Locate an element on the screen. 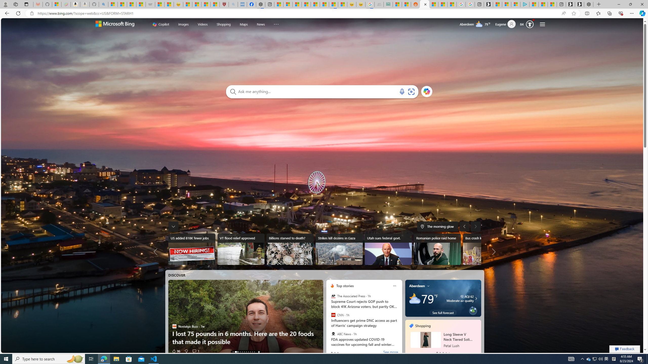  'Romanian police raid home' is located at coordinates (437, 249).